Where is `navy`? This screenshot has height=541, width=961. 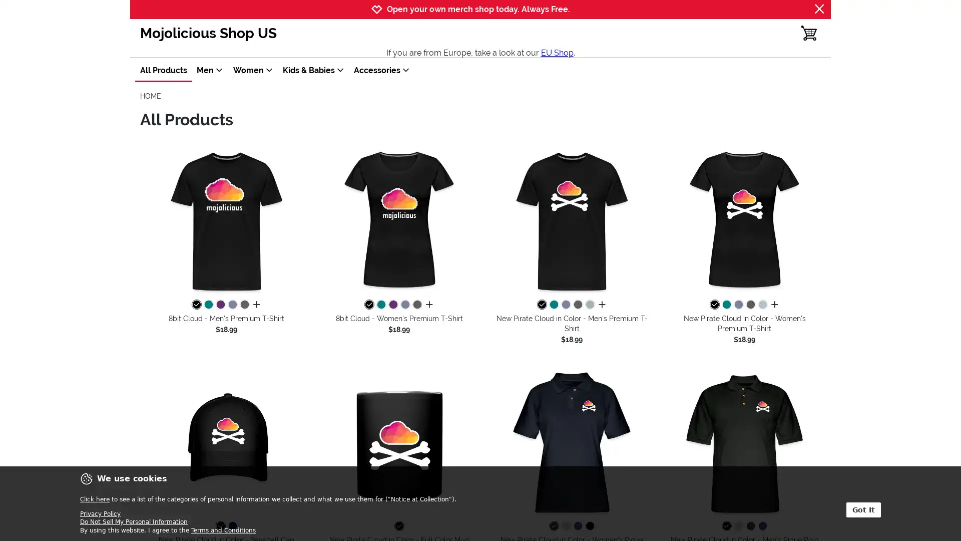
navy is located at coordinates (232, 526).